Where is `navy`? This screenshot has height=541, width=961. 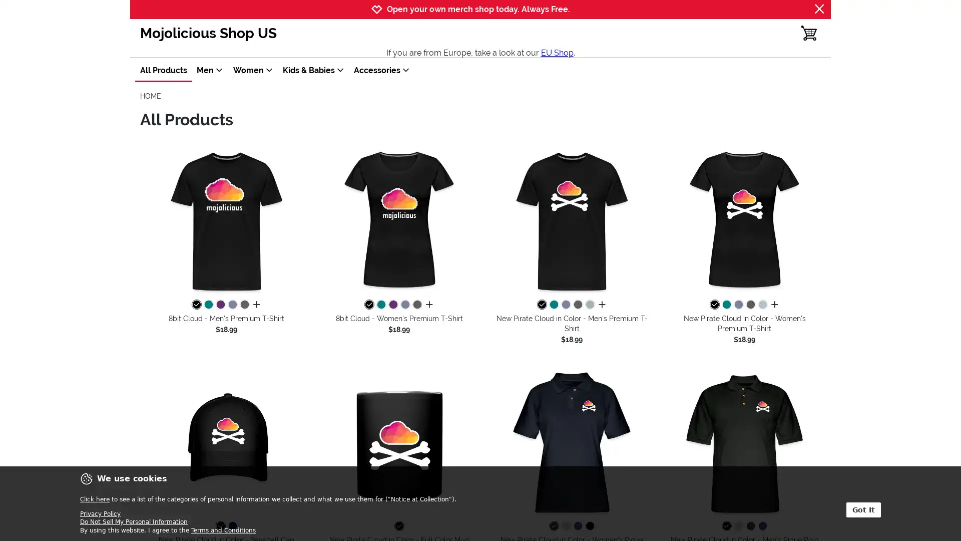
navy is located at coordinates (232, 526).